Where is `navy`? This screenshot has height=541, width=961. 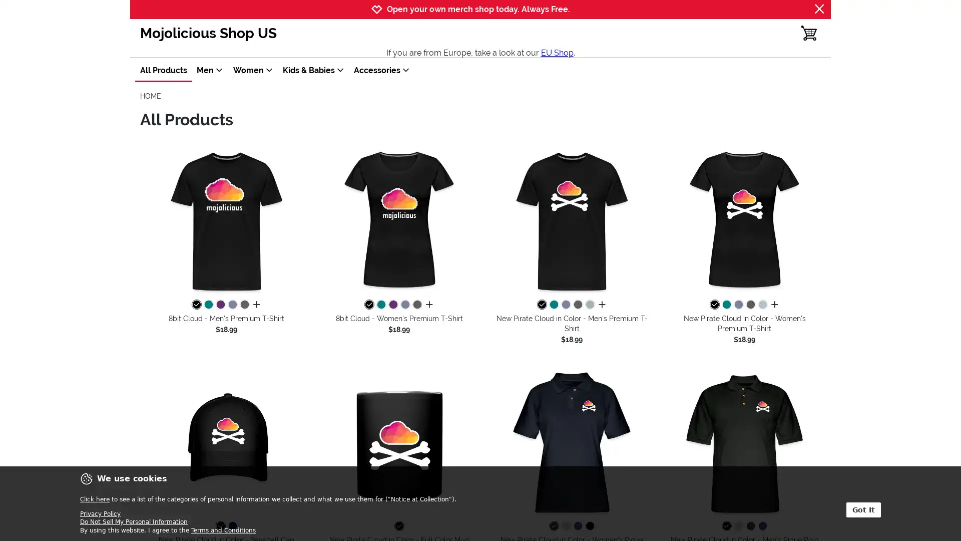
navy is located at coordinates (232, 526).